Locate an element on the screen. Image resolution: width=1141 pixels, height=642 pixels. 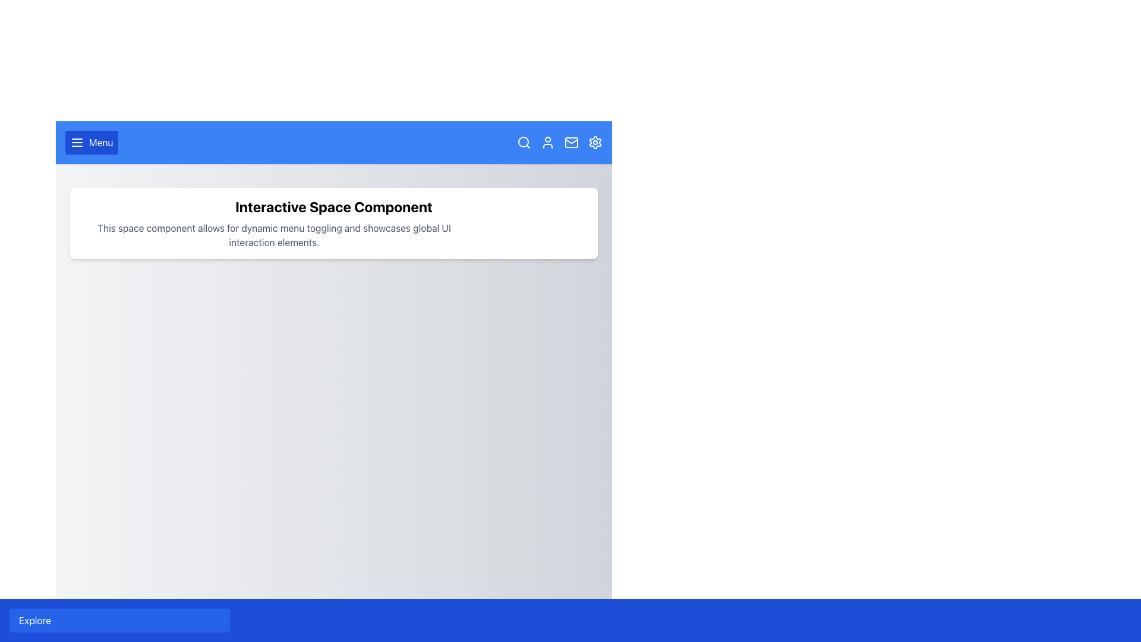
the settings icon button located in the top-right corner of the interface is located at coordinates (595, 141).